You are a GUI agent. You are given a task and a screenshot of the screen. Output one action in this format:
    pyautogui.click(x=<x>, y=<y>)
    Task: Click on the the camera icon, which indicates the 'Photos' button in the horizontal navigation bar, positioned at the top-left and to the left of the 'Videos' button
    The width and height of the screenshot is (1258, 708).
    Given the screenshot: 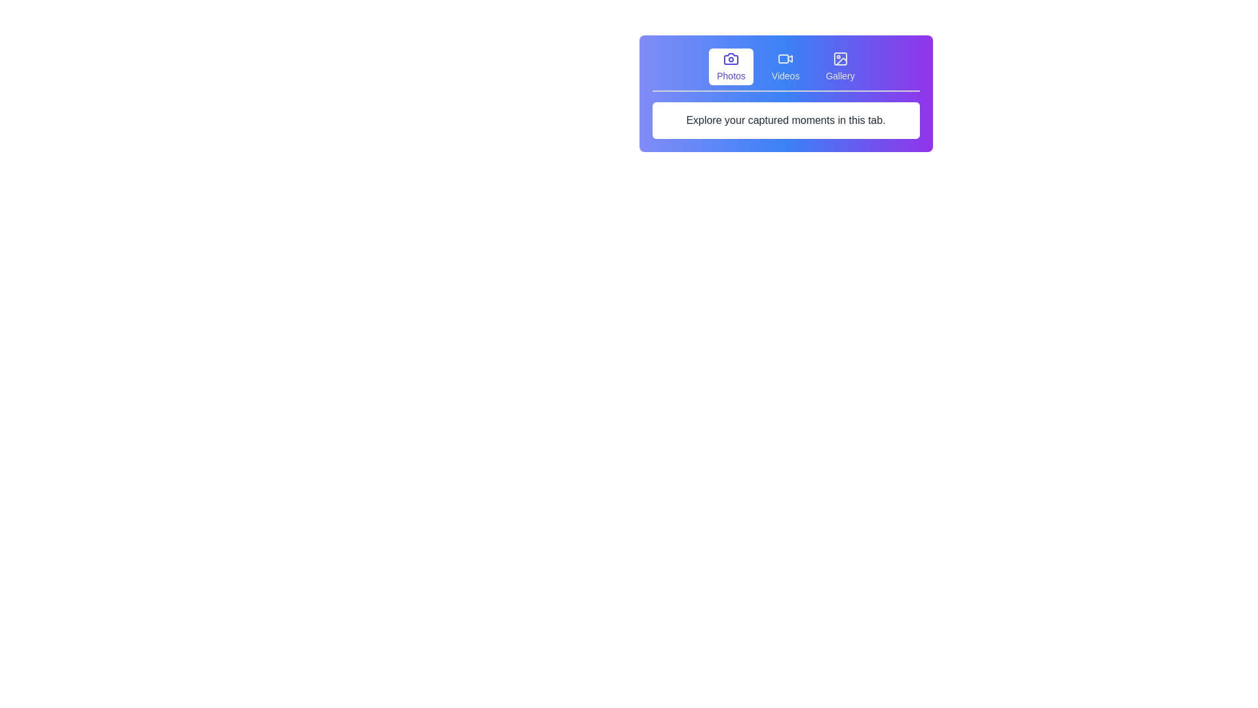 What is the action you would take?
    pyautogui.click(x=731, y=58)
    